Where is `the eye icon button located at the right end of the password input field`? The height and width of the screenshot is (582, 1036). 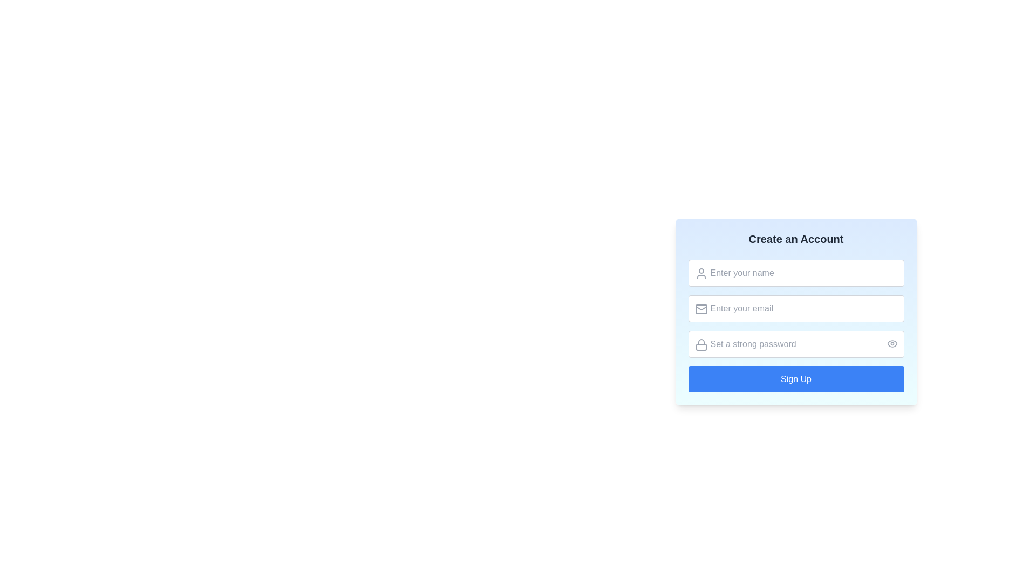 the eye icon button located at the right end of the password input field is located at coordinates (892, 343).